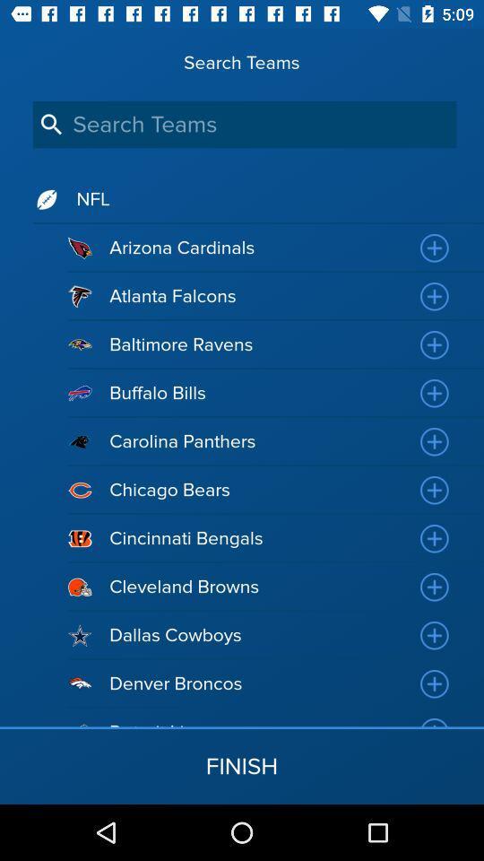 The image size is (484, 861). I want to click on the finish item, so click(242, 765).